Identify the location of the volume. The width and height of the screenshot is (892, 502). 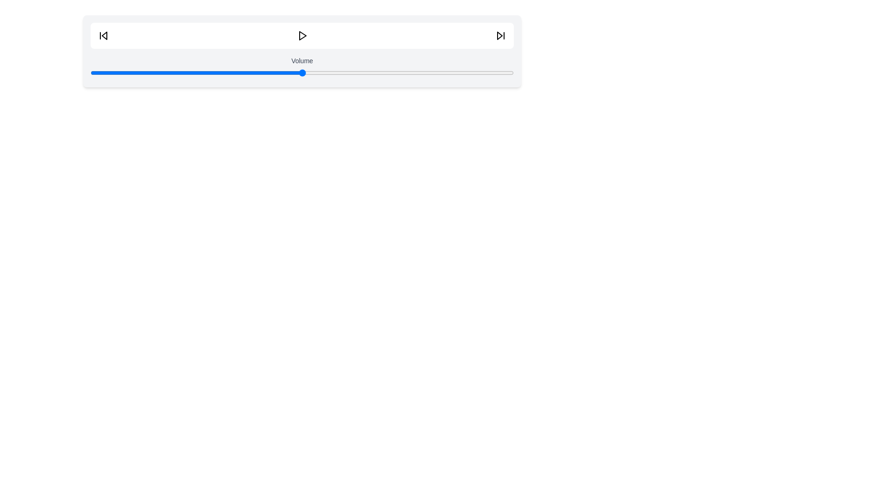
(500, 73).